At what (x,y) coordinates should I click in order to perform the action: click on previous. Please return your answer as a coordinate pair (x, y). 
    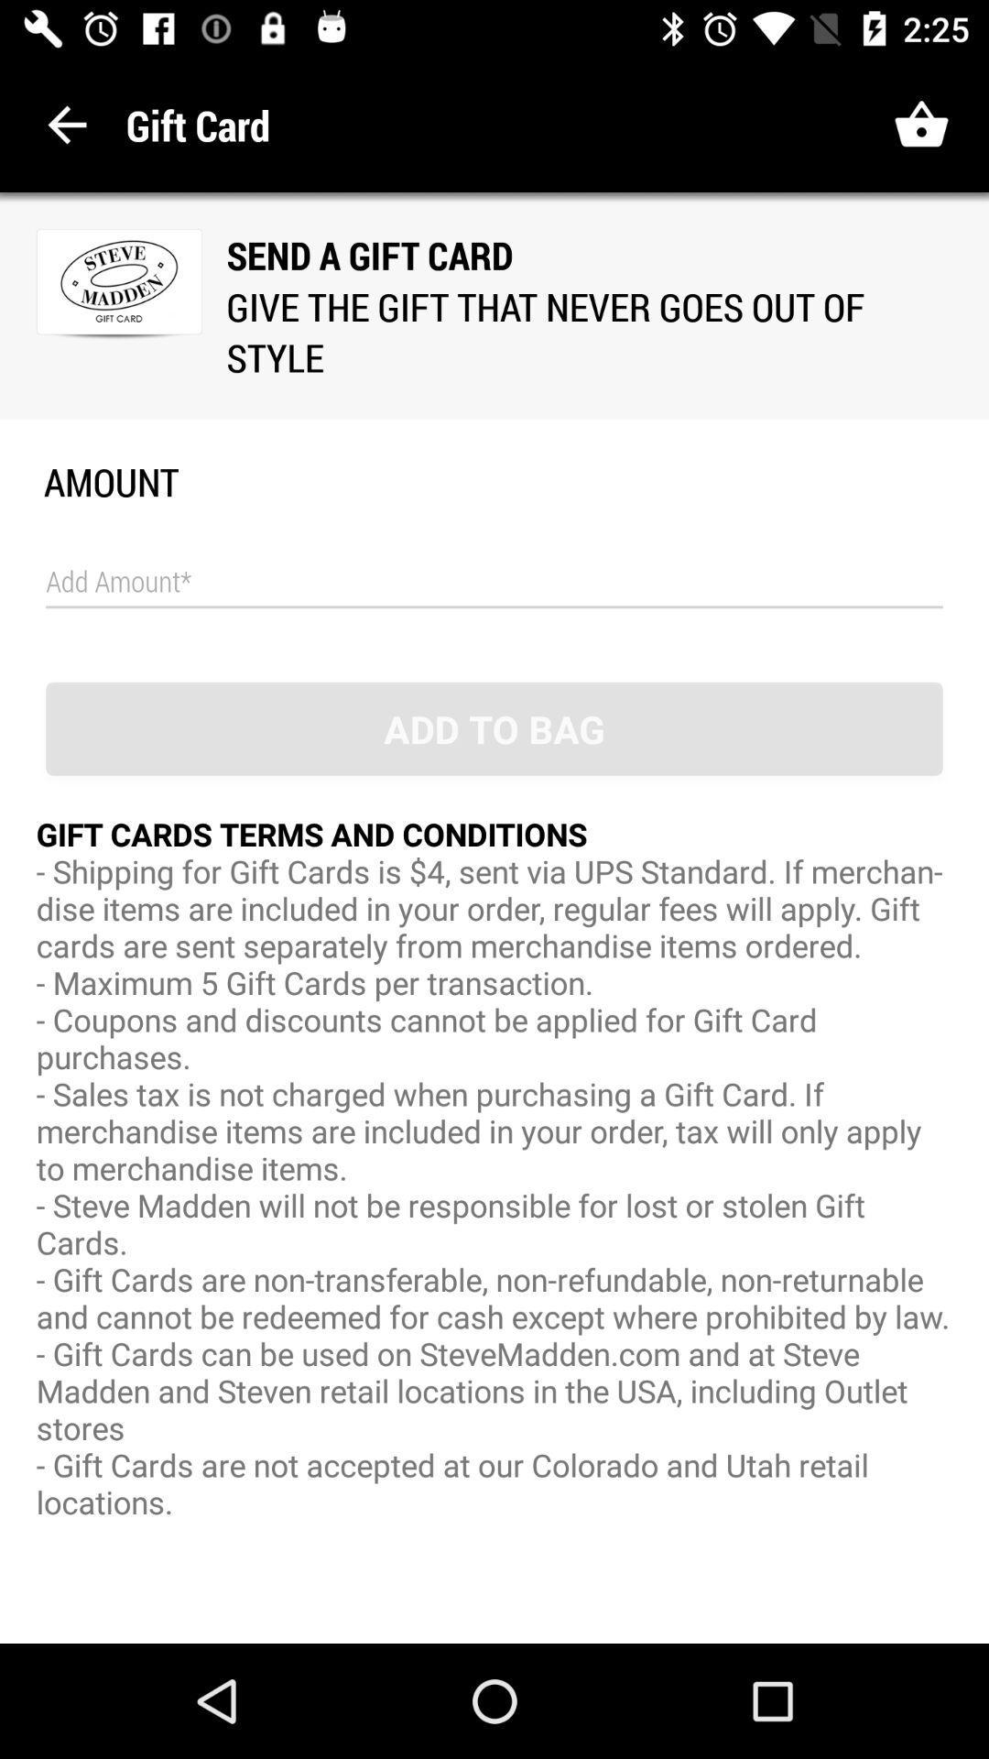
    Looking at the image, I should click on (66, 124).